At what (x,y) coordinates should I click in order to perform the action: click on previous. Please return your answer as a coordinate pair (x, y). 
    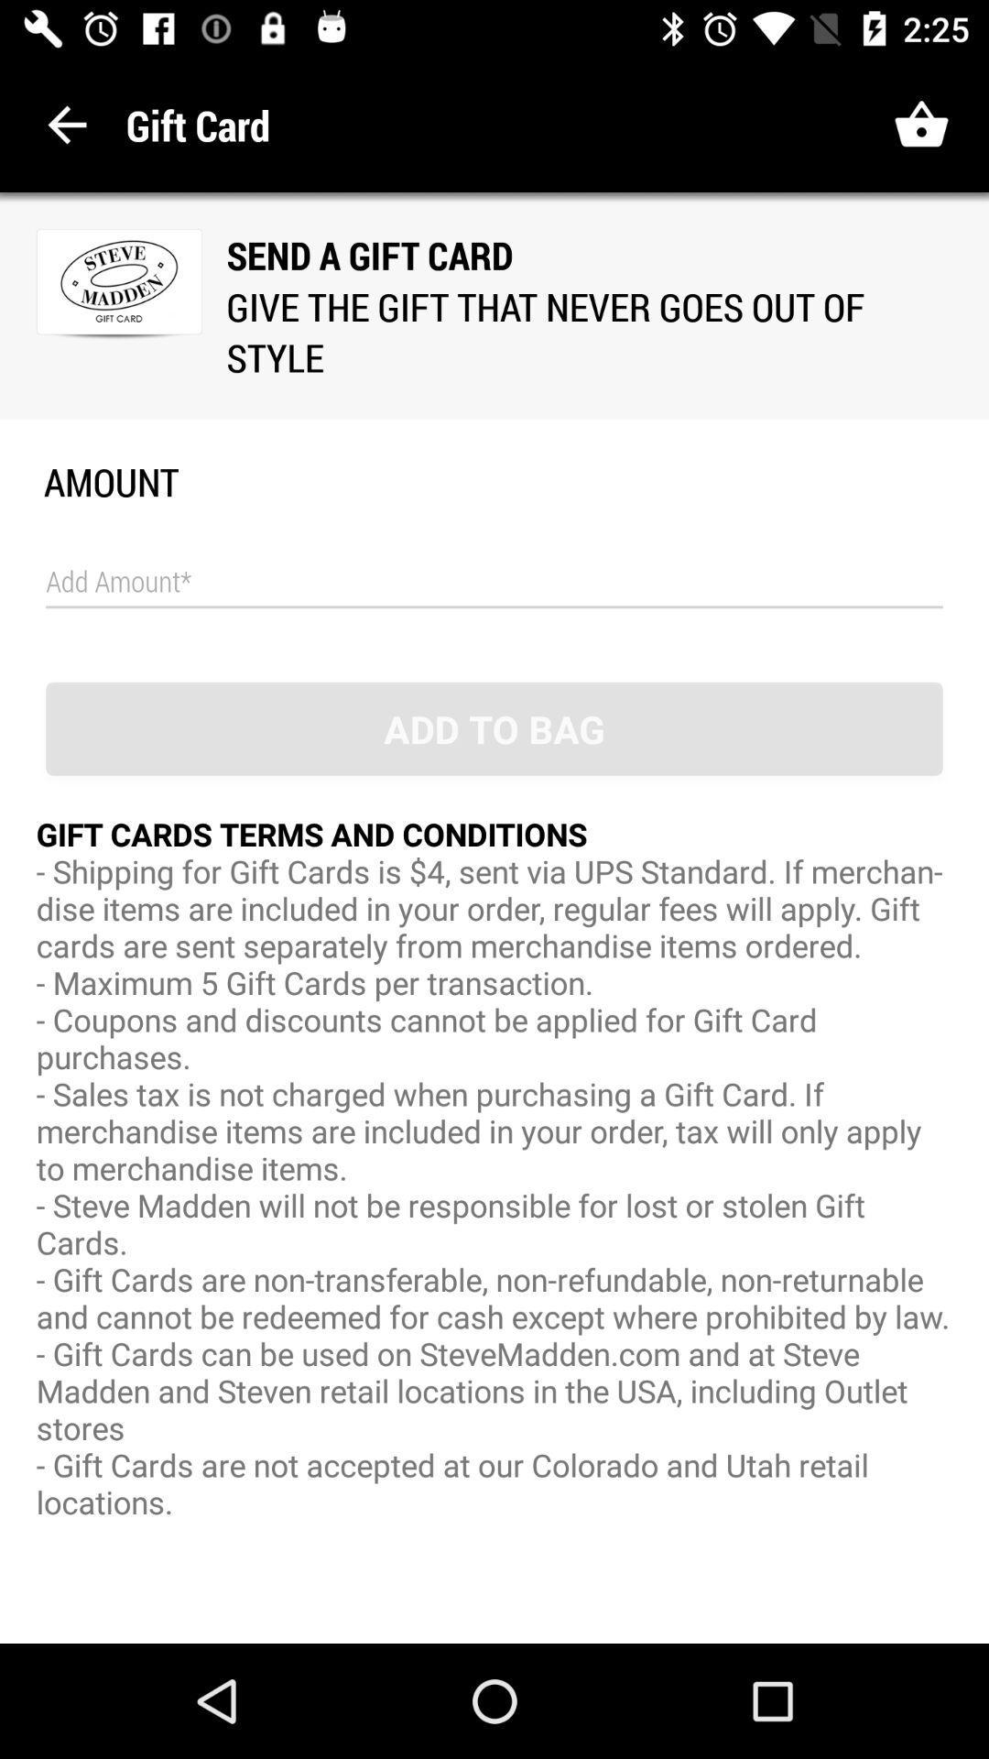
    Looking at the image, I should click on (66, 124).